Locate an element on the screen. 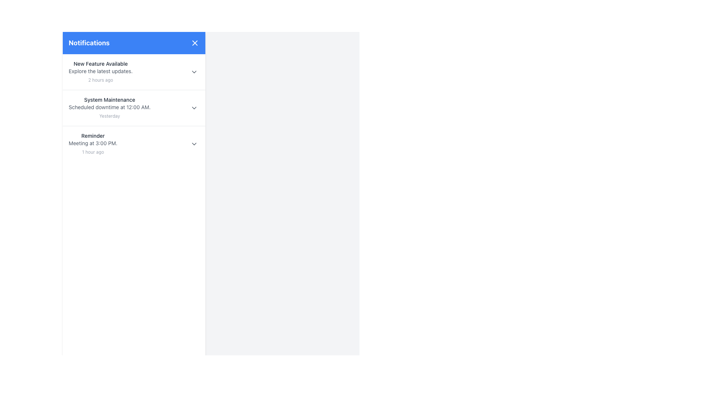  the text label displaying '1 hour ago' located under the 'Reminder' notification is located at coordinates (92, 151).